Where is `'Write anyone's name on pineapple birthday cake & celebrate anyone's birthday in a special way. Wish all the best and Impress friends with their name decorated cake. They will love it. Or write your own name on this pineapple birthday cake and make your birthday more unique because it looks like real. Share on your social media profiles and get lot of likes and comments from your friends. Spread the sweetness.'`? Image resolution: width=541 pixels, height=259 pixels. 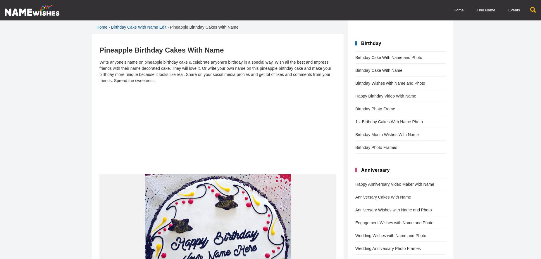 'Write anyone's name on pineapple birthday cake & celebrate anyone's birthday in a special way. Wish all the best and Impress friends with their name decorated cake. They will love it. Or write your own name on this pineapple birthday cake and make your birthday more unique because it looks like real. Share on your social media profiles and get lot of likes and comments from your friends. Spread the sweetness.' is located at coordinates (215, 71).